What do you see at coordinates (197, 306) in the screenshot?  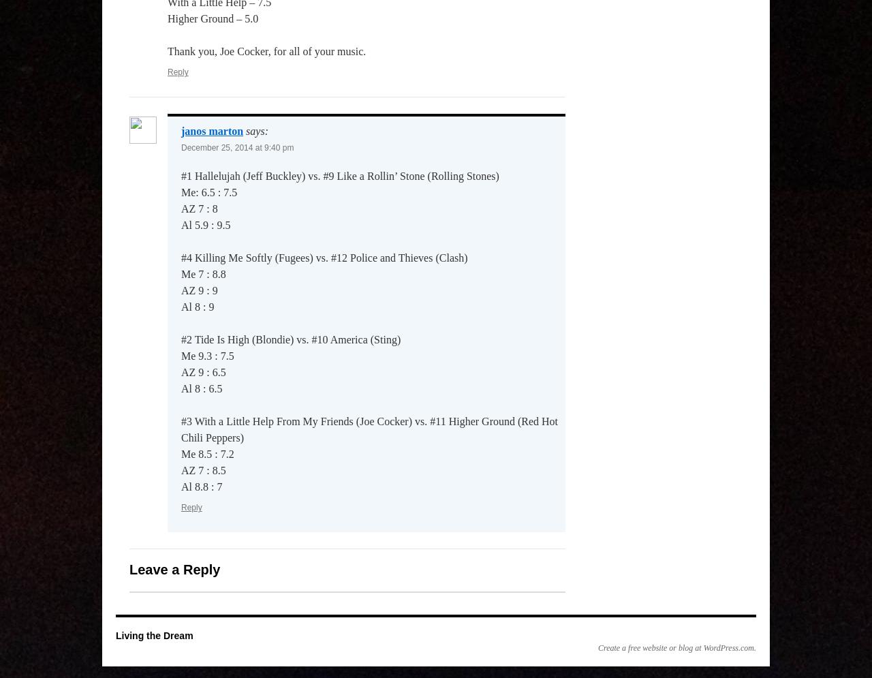 I see `'Al  8 : 9'` at bounding box center [197, 306].